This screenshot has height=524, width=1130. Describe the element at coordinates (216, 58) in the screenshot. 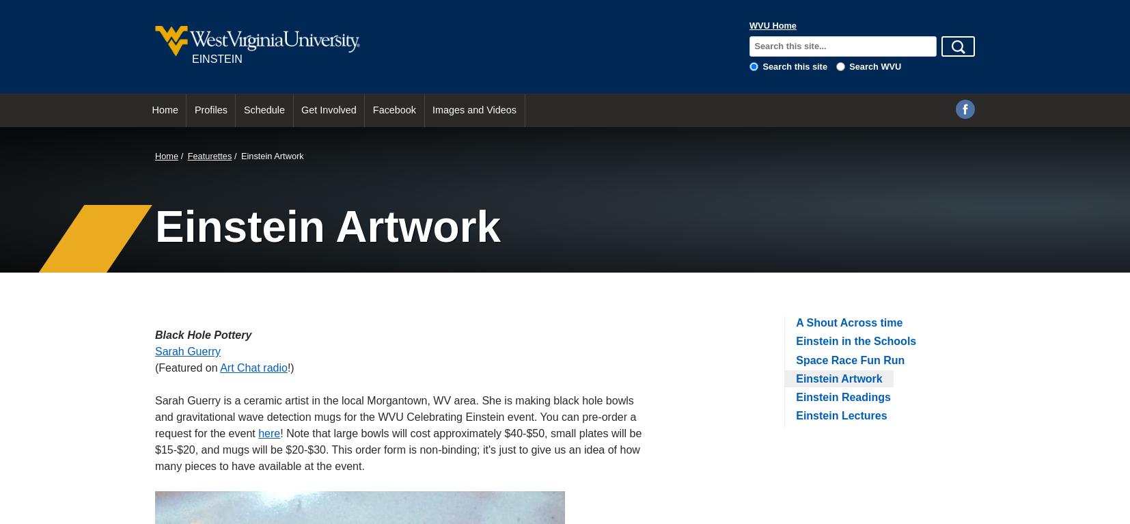

I see `'Einstein'` at that location.